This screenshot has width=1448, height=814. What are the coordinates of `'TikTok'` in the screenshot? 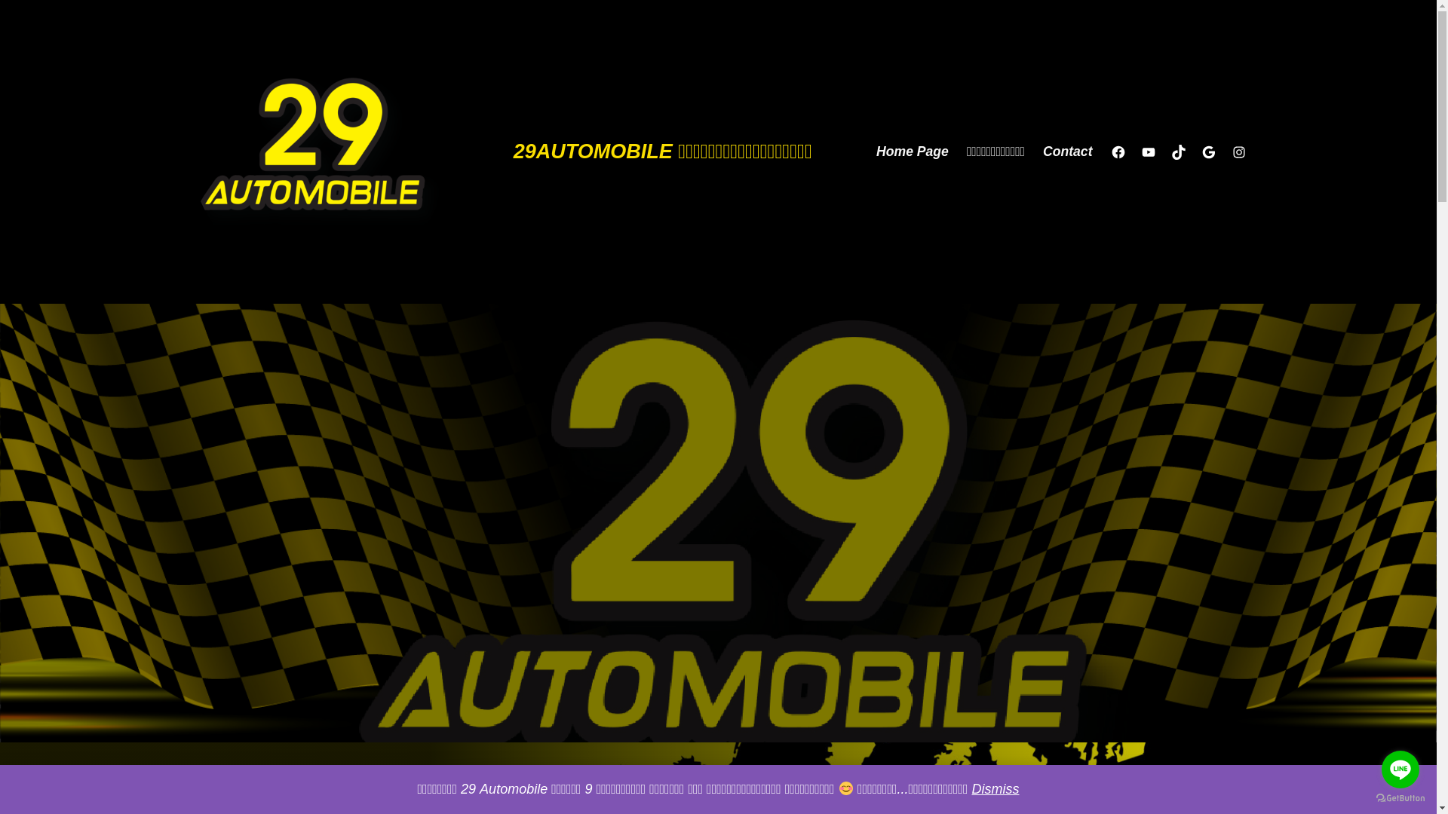 It's located at (1176, 151).